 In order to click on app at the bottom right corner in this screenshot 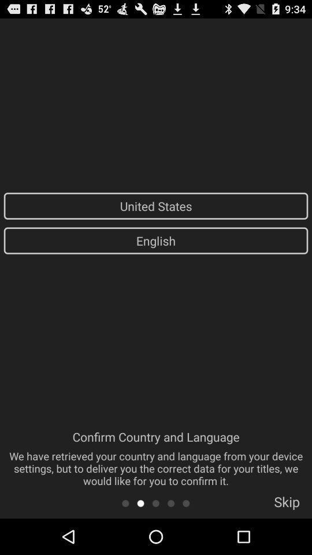, I will do `click(286, 505)`.